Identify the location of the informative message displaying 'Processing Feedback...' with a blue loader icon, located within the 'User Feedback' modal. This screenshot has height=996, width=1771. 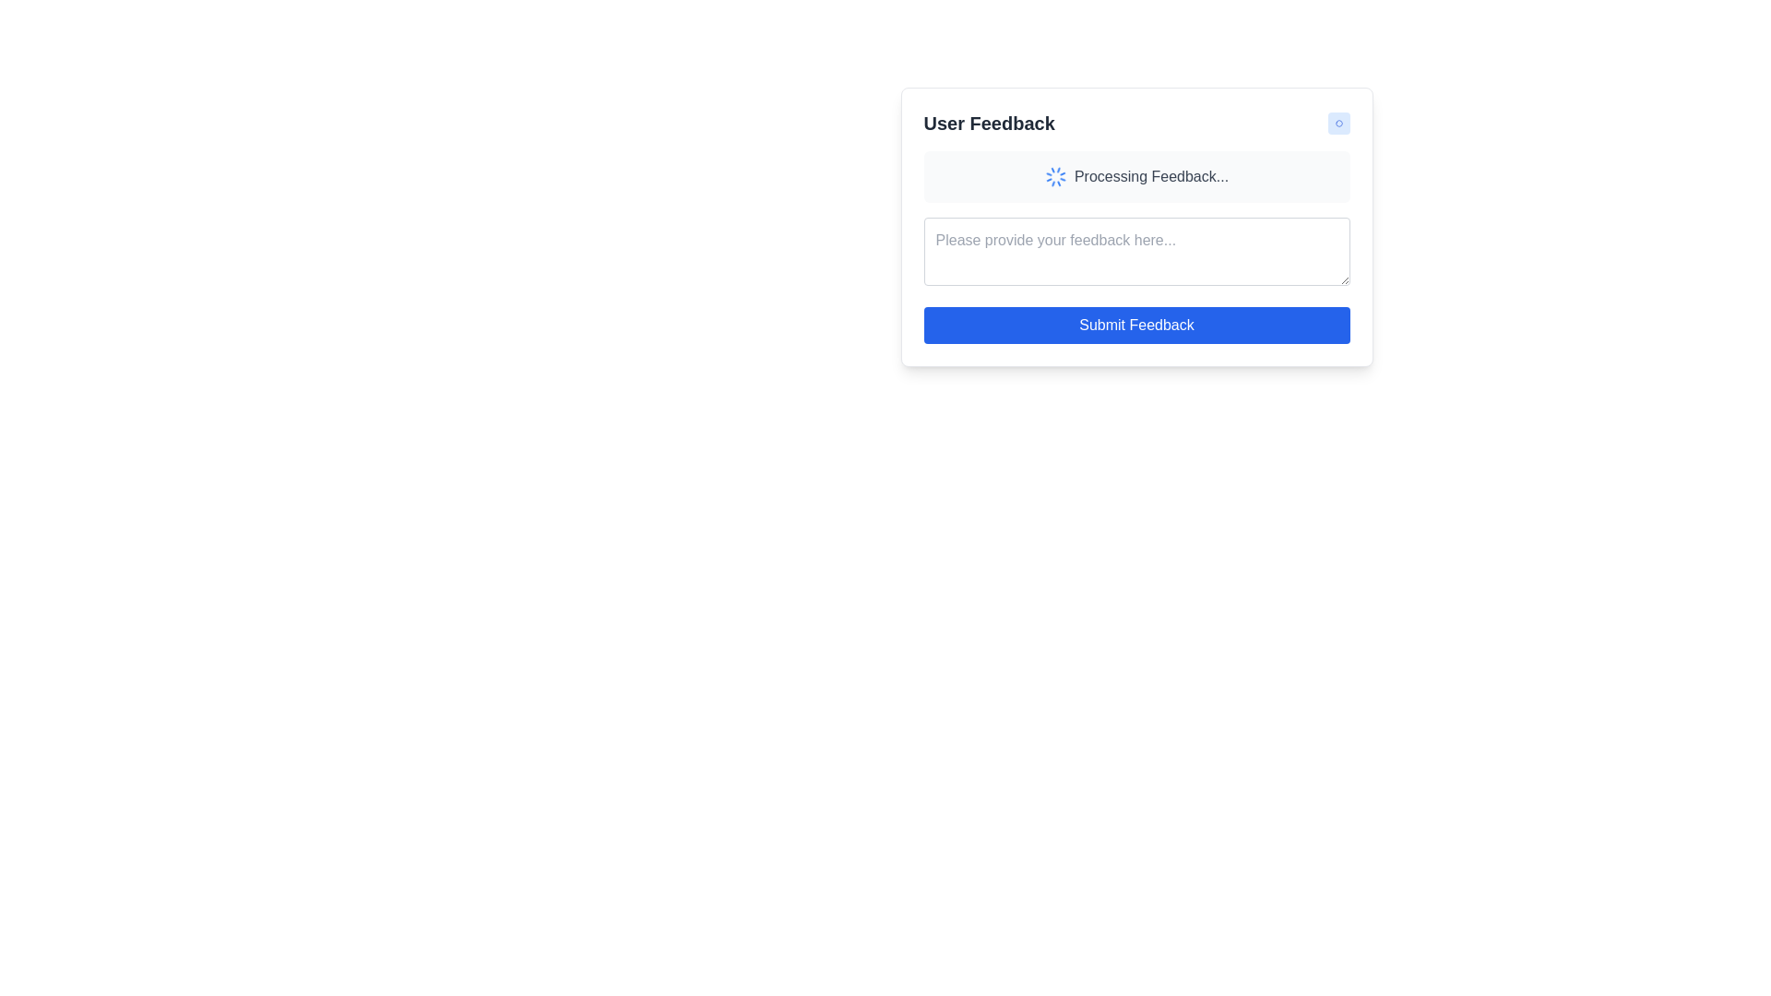
(1135, 177).